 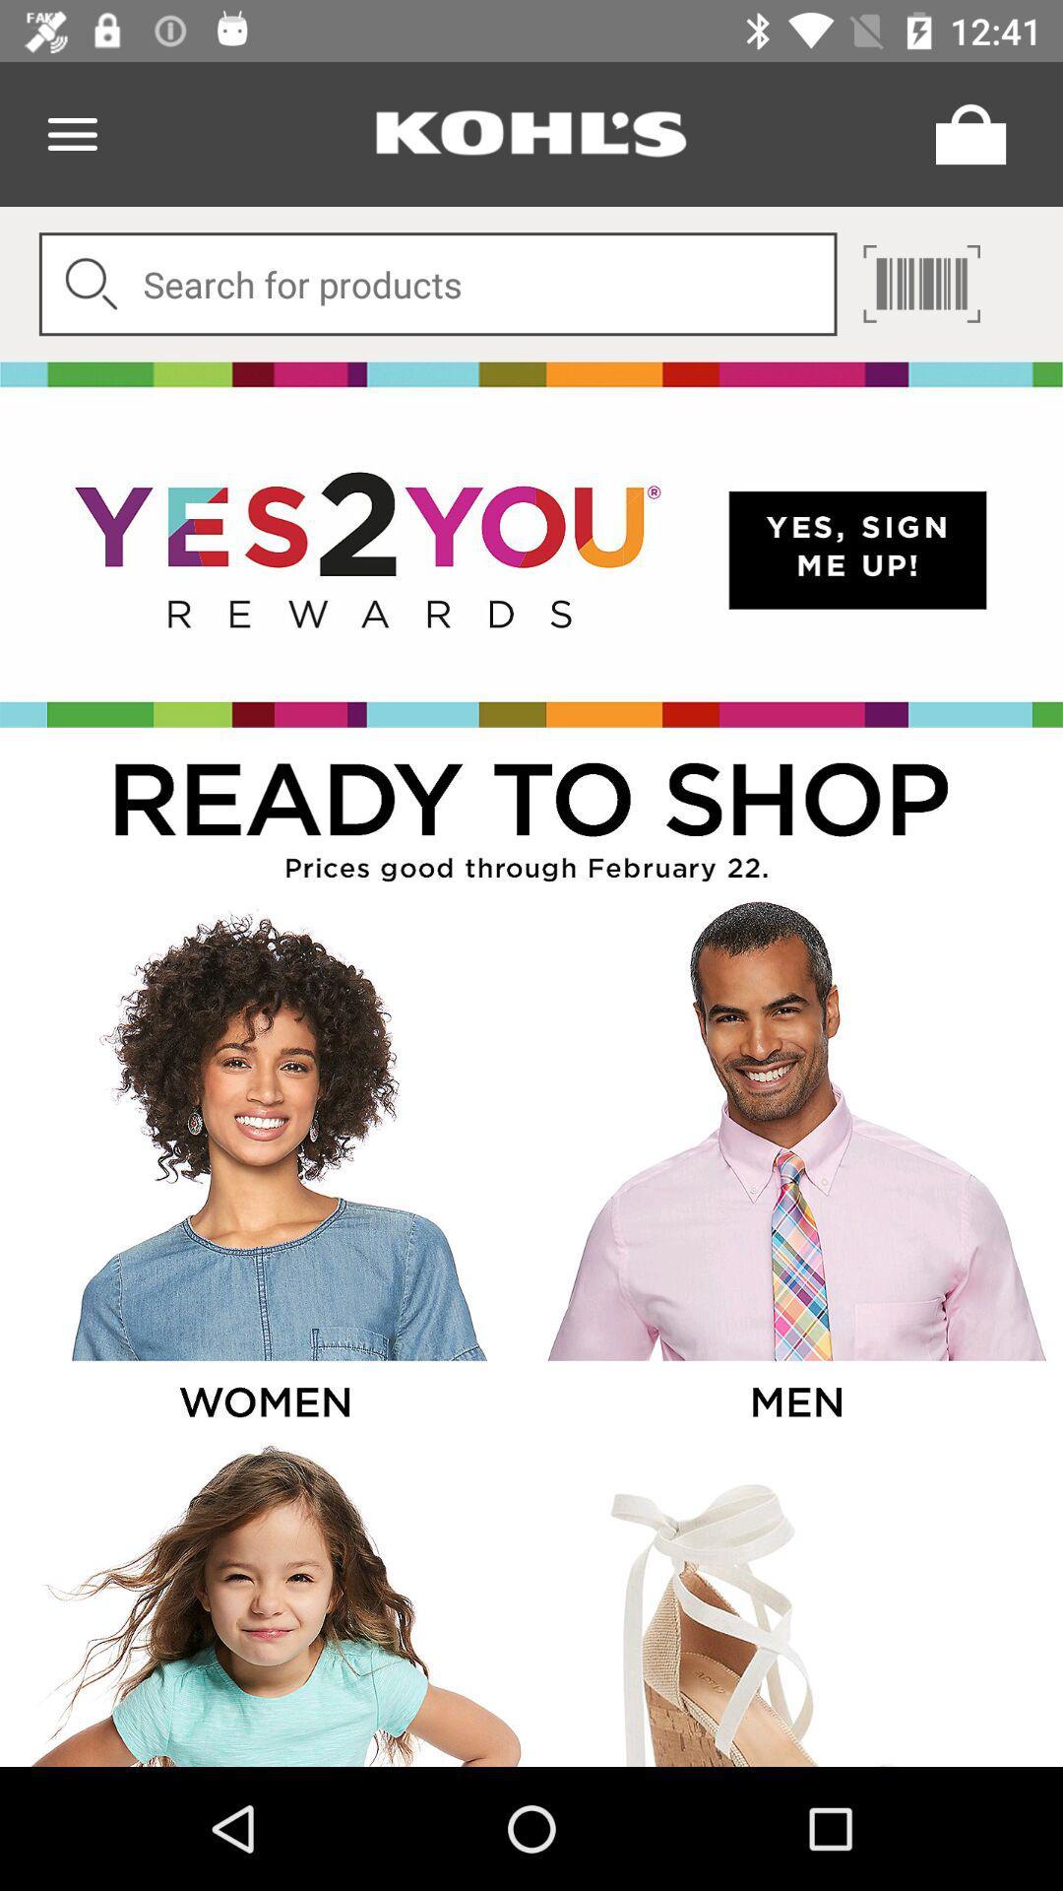 What do you see at coordinates (71, 133) in the screenshot?
I see `the menu icon` at bounding box center [71, 133].